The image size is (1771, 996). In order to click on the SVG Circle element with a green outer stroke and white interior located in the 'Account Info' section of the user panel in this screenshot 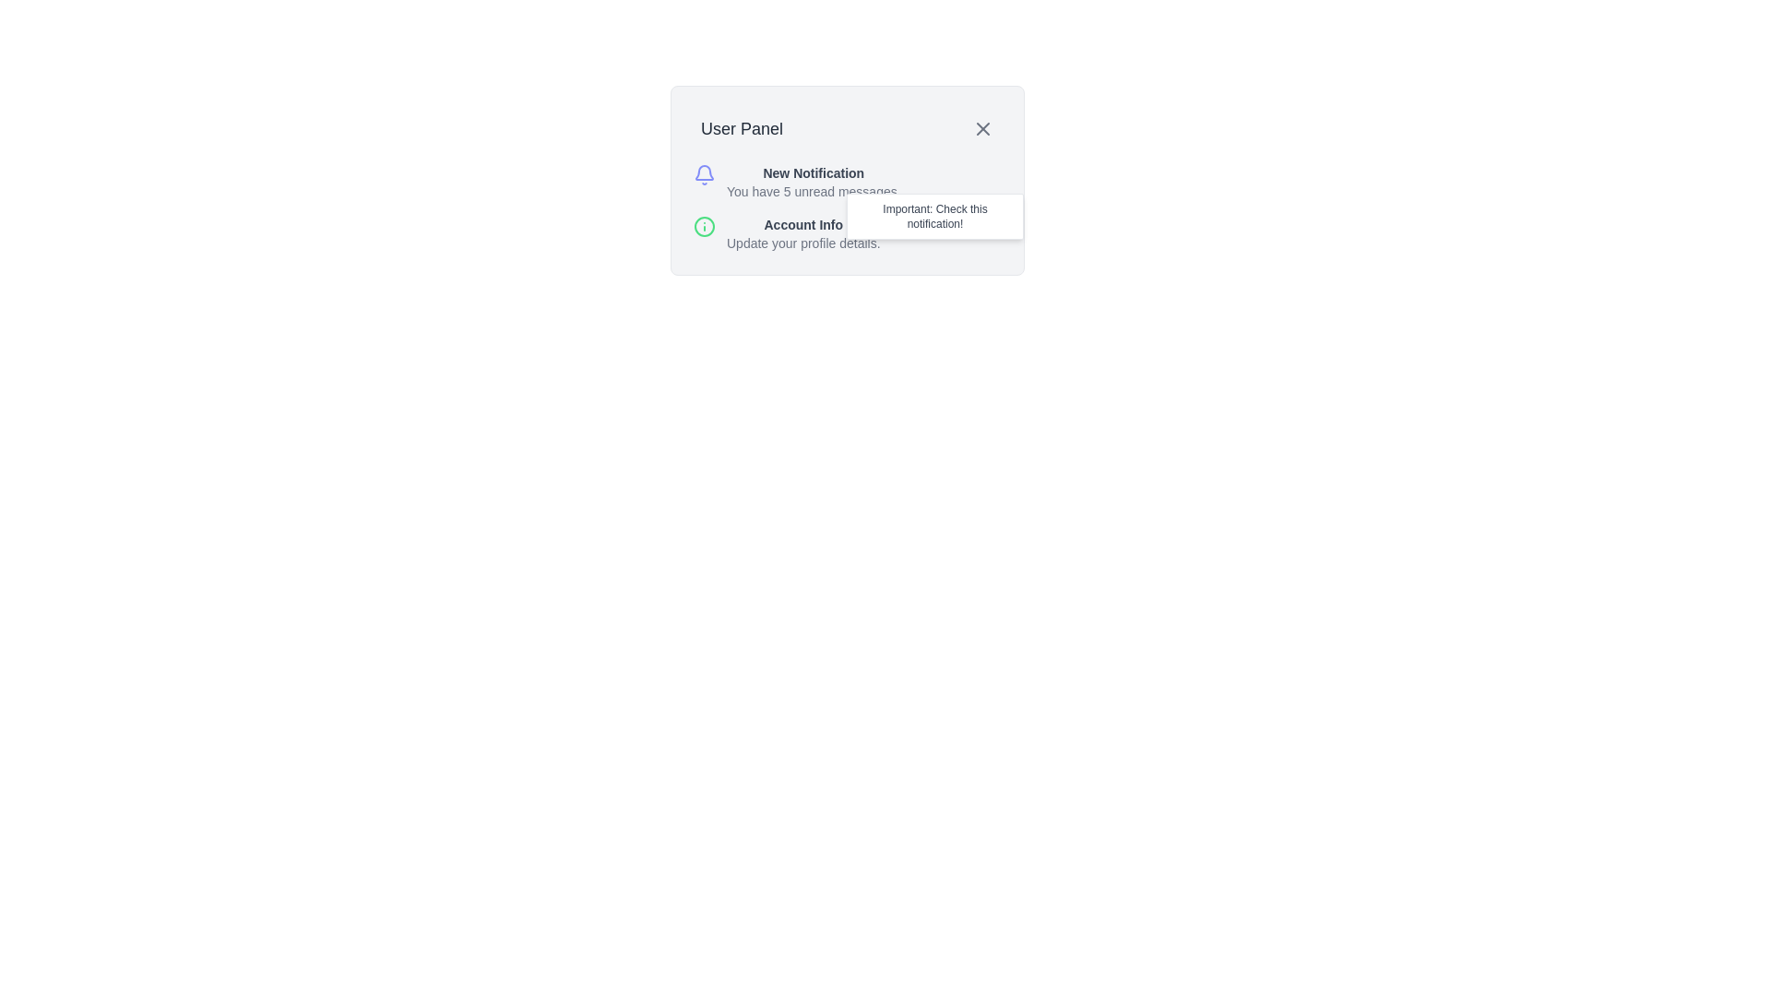, I will do `click(703, 226)`.